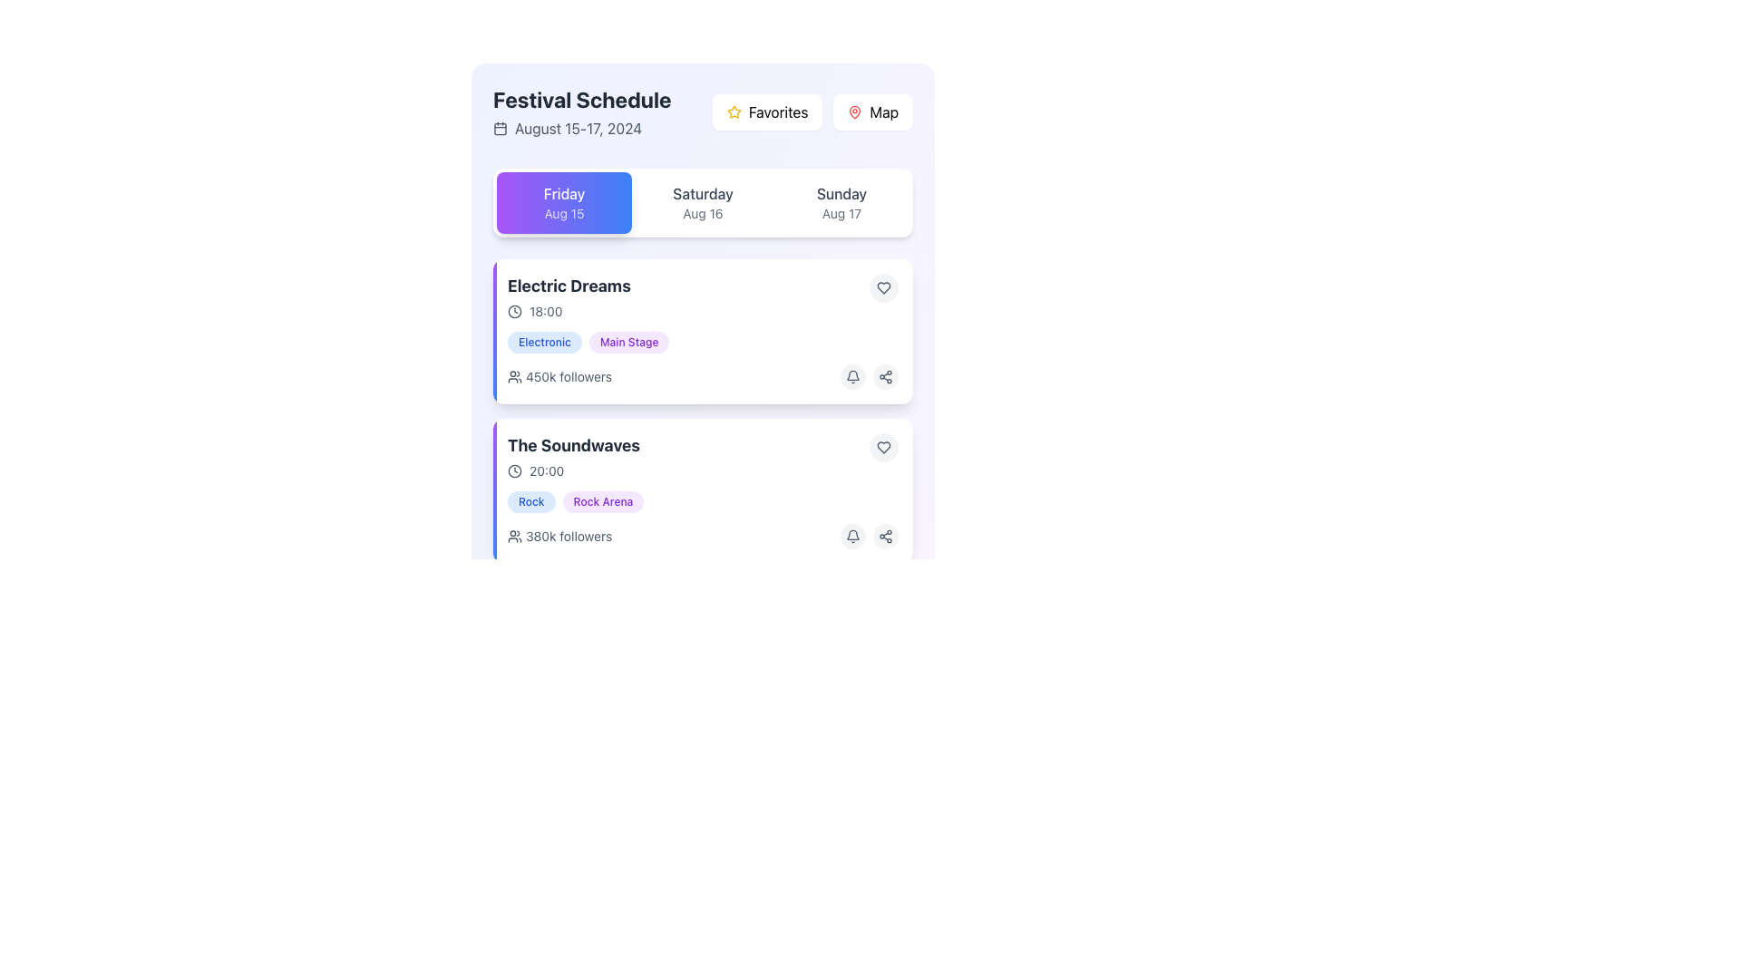  Describe the element at coordinates (767, 111) in the screenshot. I see `the 'Favorites' button located at the top-right area of the interface to observe visual feedback such as a shadow change` at that location.